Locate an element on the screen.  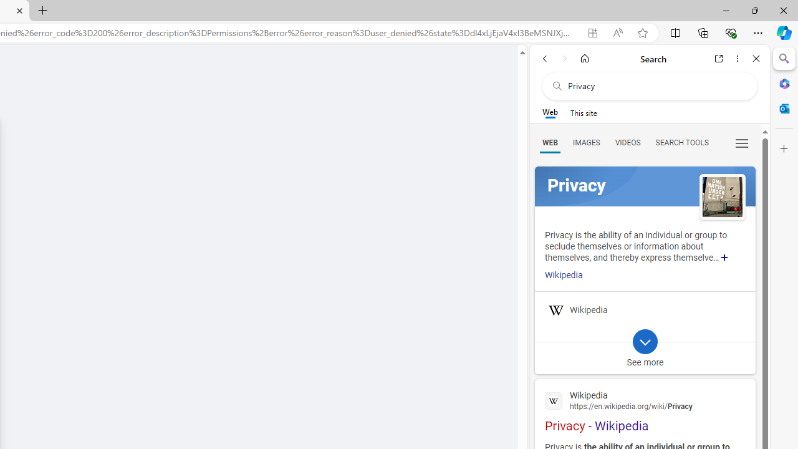
'Preferences' is located at coordinates (741, 142).